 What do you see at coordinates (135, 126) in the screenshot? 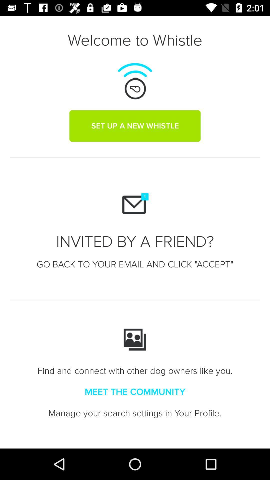
I see `the set up a` at bounding box center [135, 126].